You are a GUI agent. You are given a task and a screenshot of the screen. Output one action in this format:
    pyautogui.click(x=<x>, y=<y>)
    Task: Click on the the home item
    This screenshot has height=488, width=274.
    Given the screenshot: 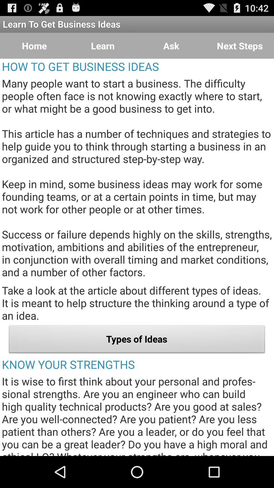 What is the action you would take?
    pyautogui.click(x=34, y=46)
    